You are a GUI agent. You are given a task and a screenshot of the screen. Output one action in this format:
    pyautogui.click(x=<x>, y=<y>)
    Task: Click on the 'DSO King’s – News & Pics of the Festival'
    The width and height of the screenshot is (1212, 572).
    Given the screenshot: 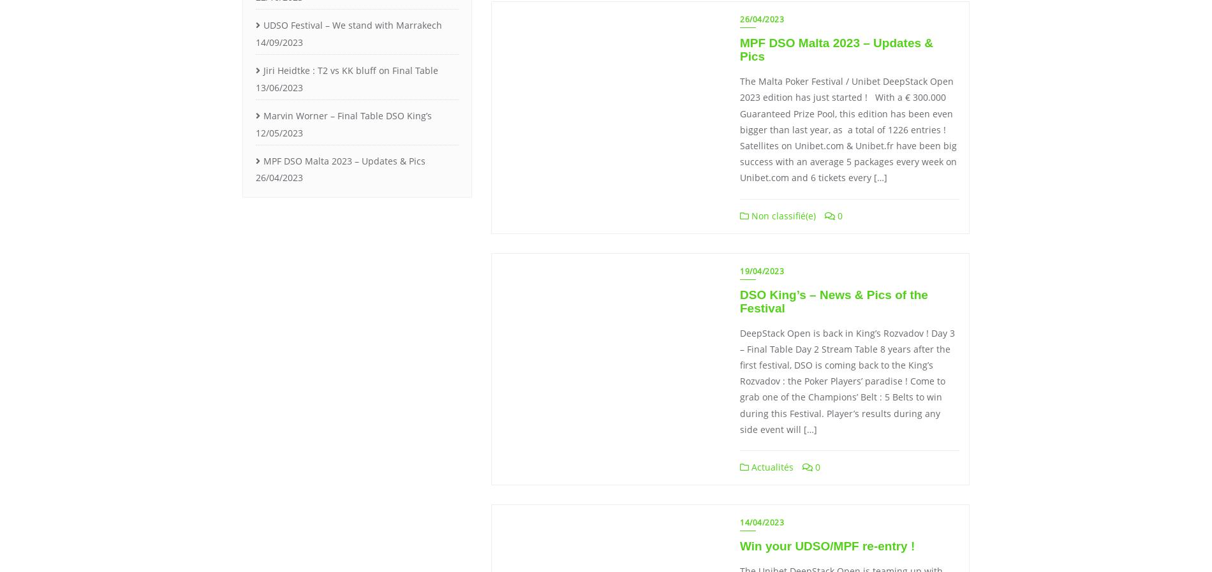 What is the action you would take?
    pyautogui.click(x=739, y=301)
    